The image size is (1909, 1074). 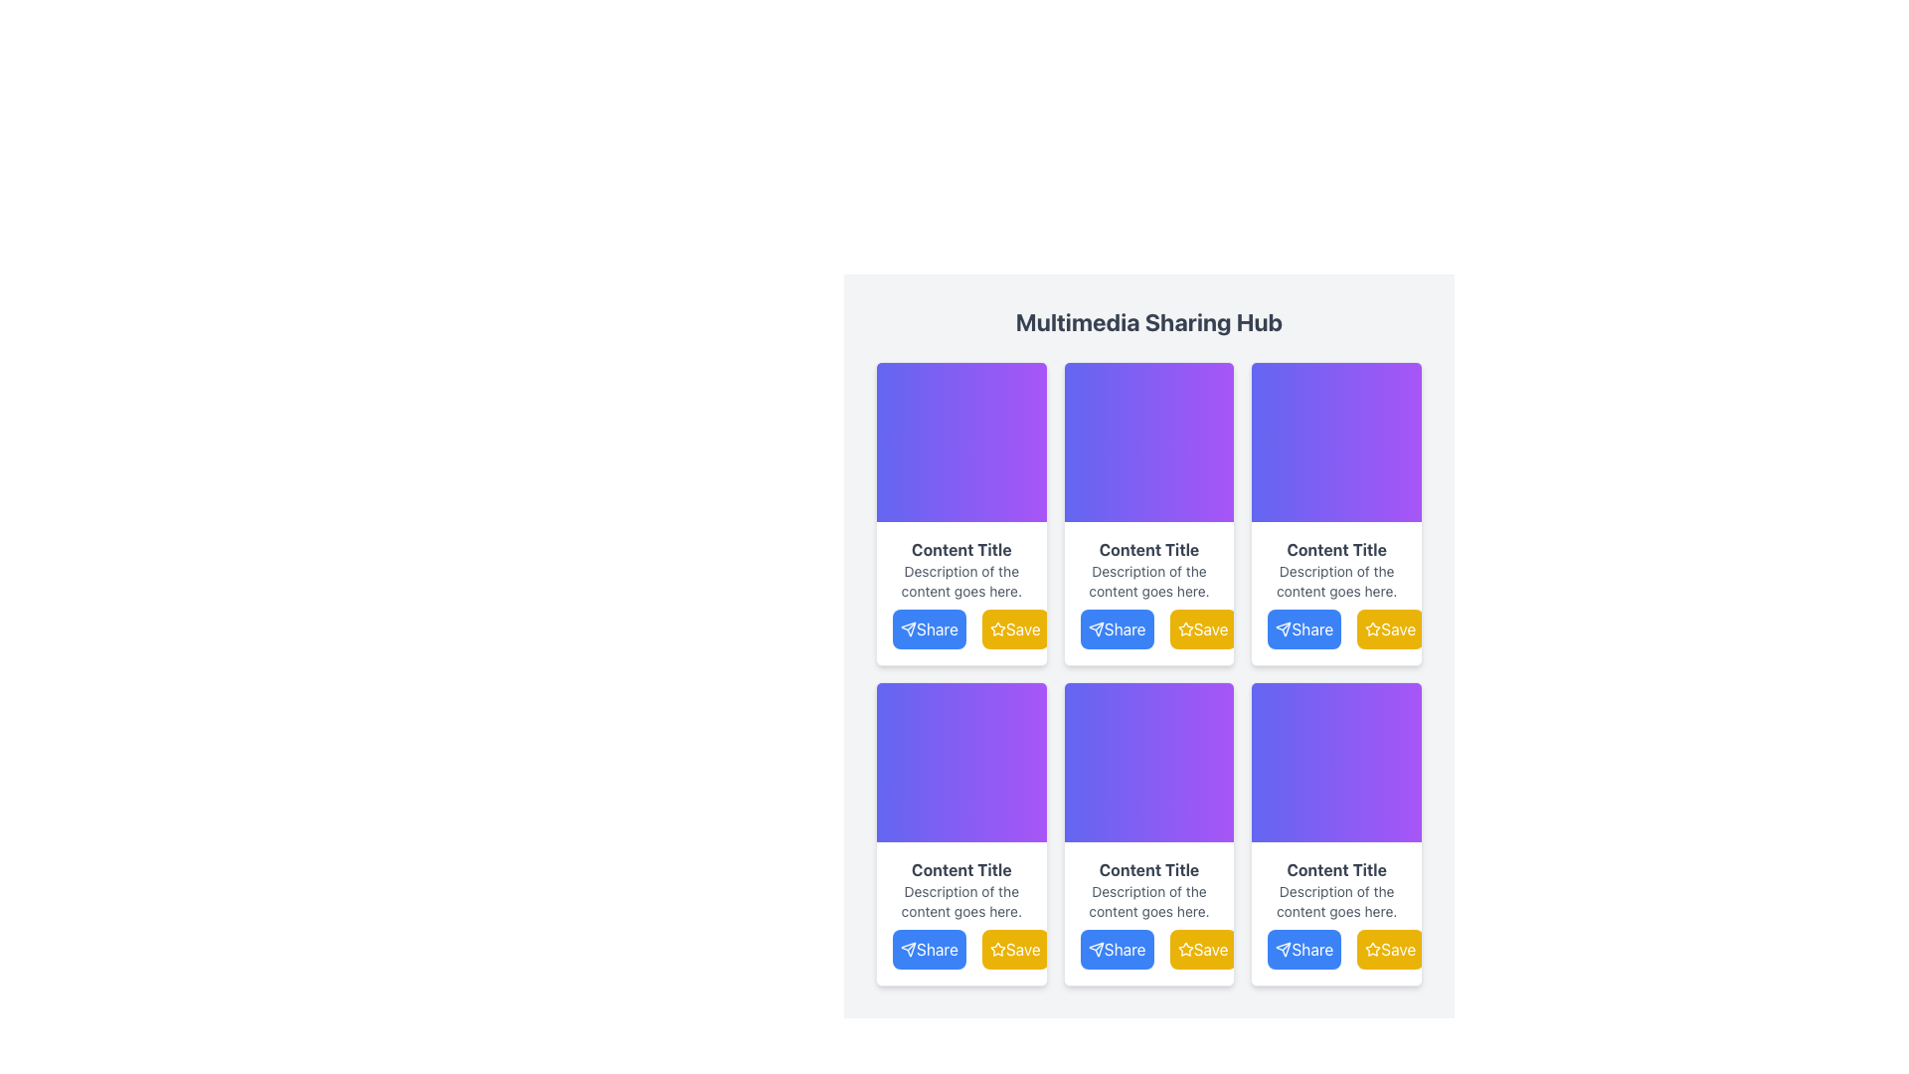 I want to click on text label that serves as the title of the third card in the first row of the multimedia sharing options grid, which is centrally aligned above the content description, so click(x=1336, y=549).